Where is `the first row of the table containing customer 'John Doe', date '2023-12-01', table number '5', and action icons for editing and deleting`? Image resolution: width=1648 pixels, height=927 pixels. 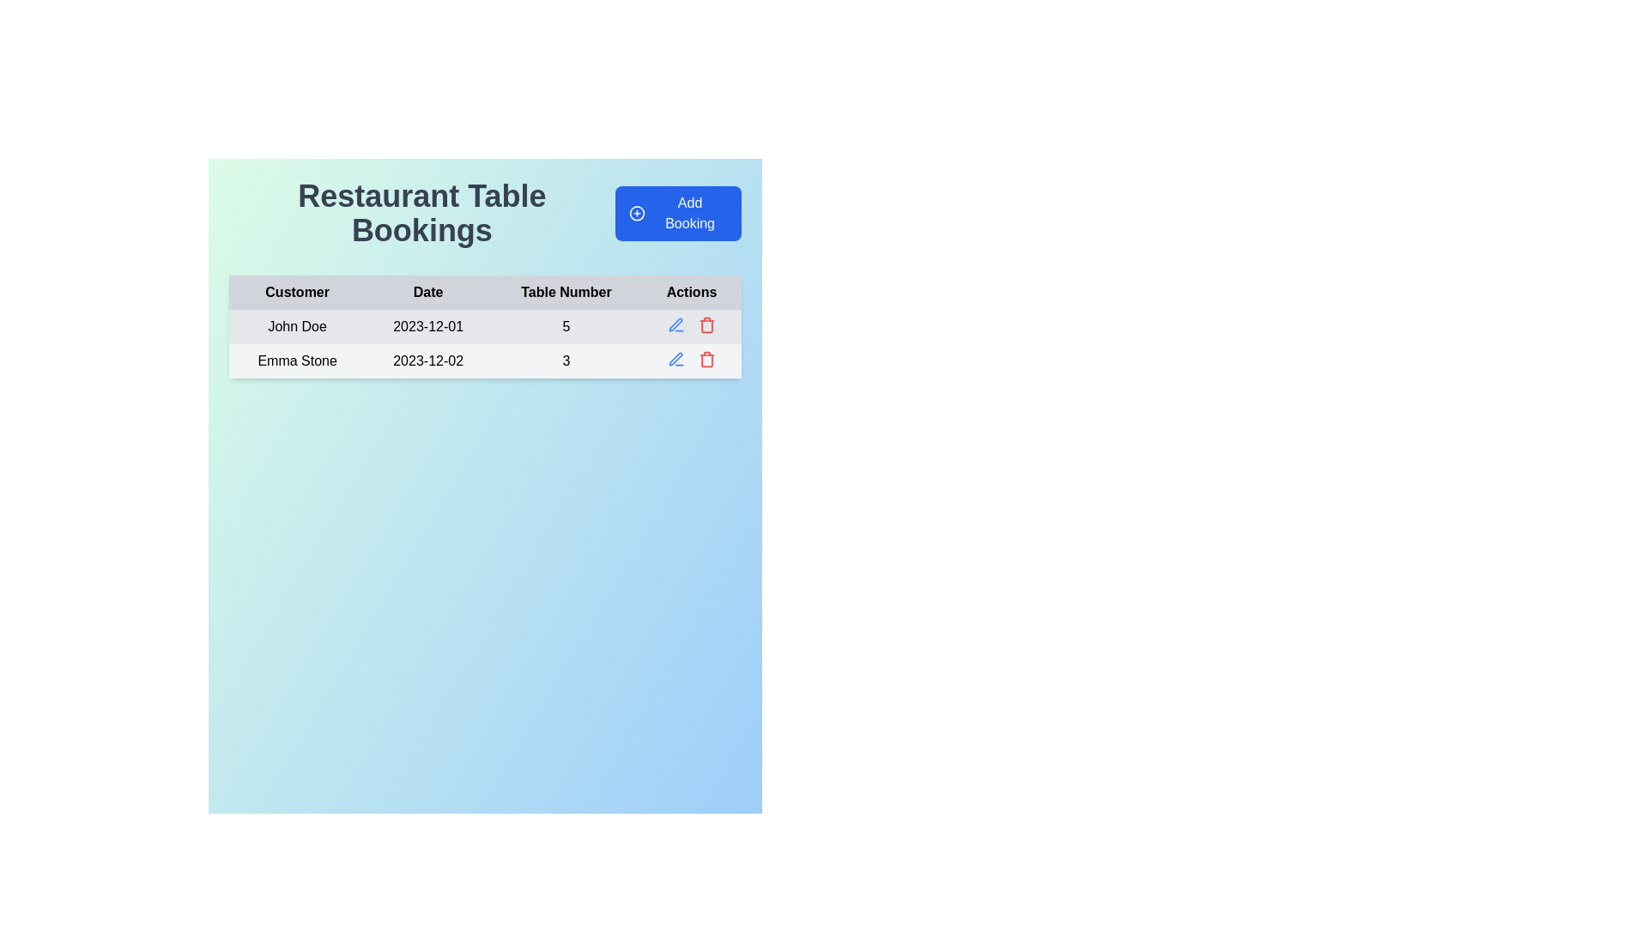
the first row of the table containing customer 'John Doe', date '2023-12-01', table number '5', and action icons for editing and deleting is located at coordinates (484, 344).